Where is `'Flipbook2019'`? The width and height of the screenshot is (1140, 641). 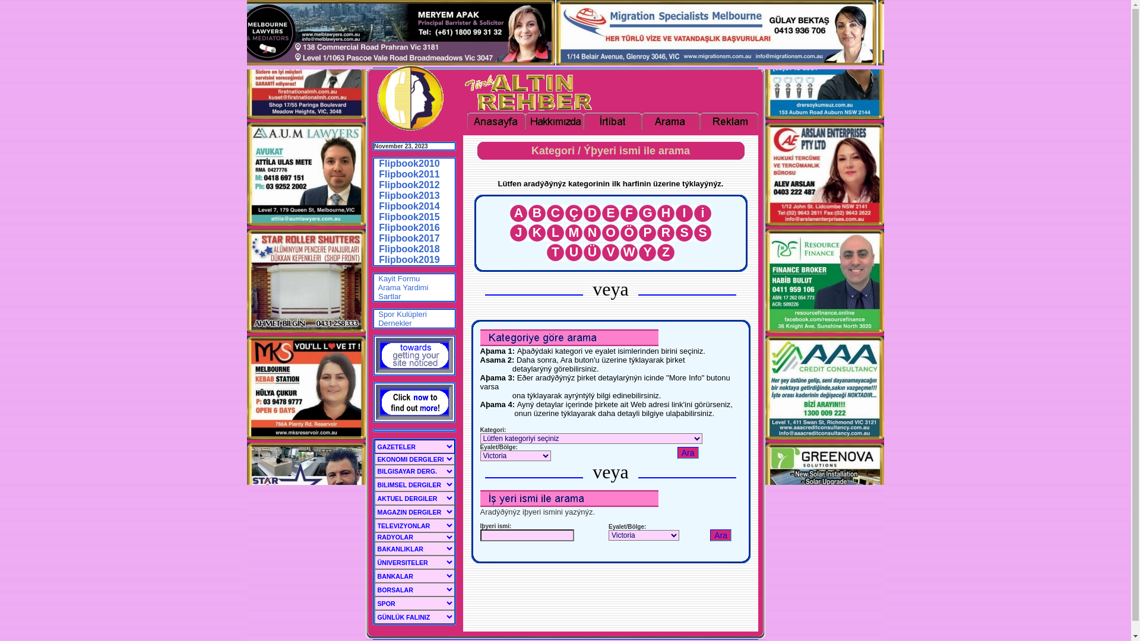
'Flipbook2019' is located at coordinates (409, 259).